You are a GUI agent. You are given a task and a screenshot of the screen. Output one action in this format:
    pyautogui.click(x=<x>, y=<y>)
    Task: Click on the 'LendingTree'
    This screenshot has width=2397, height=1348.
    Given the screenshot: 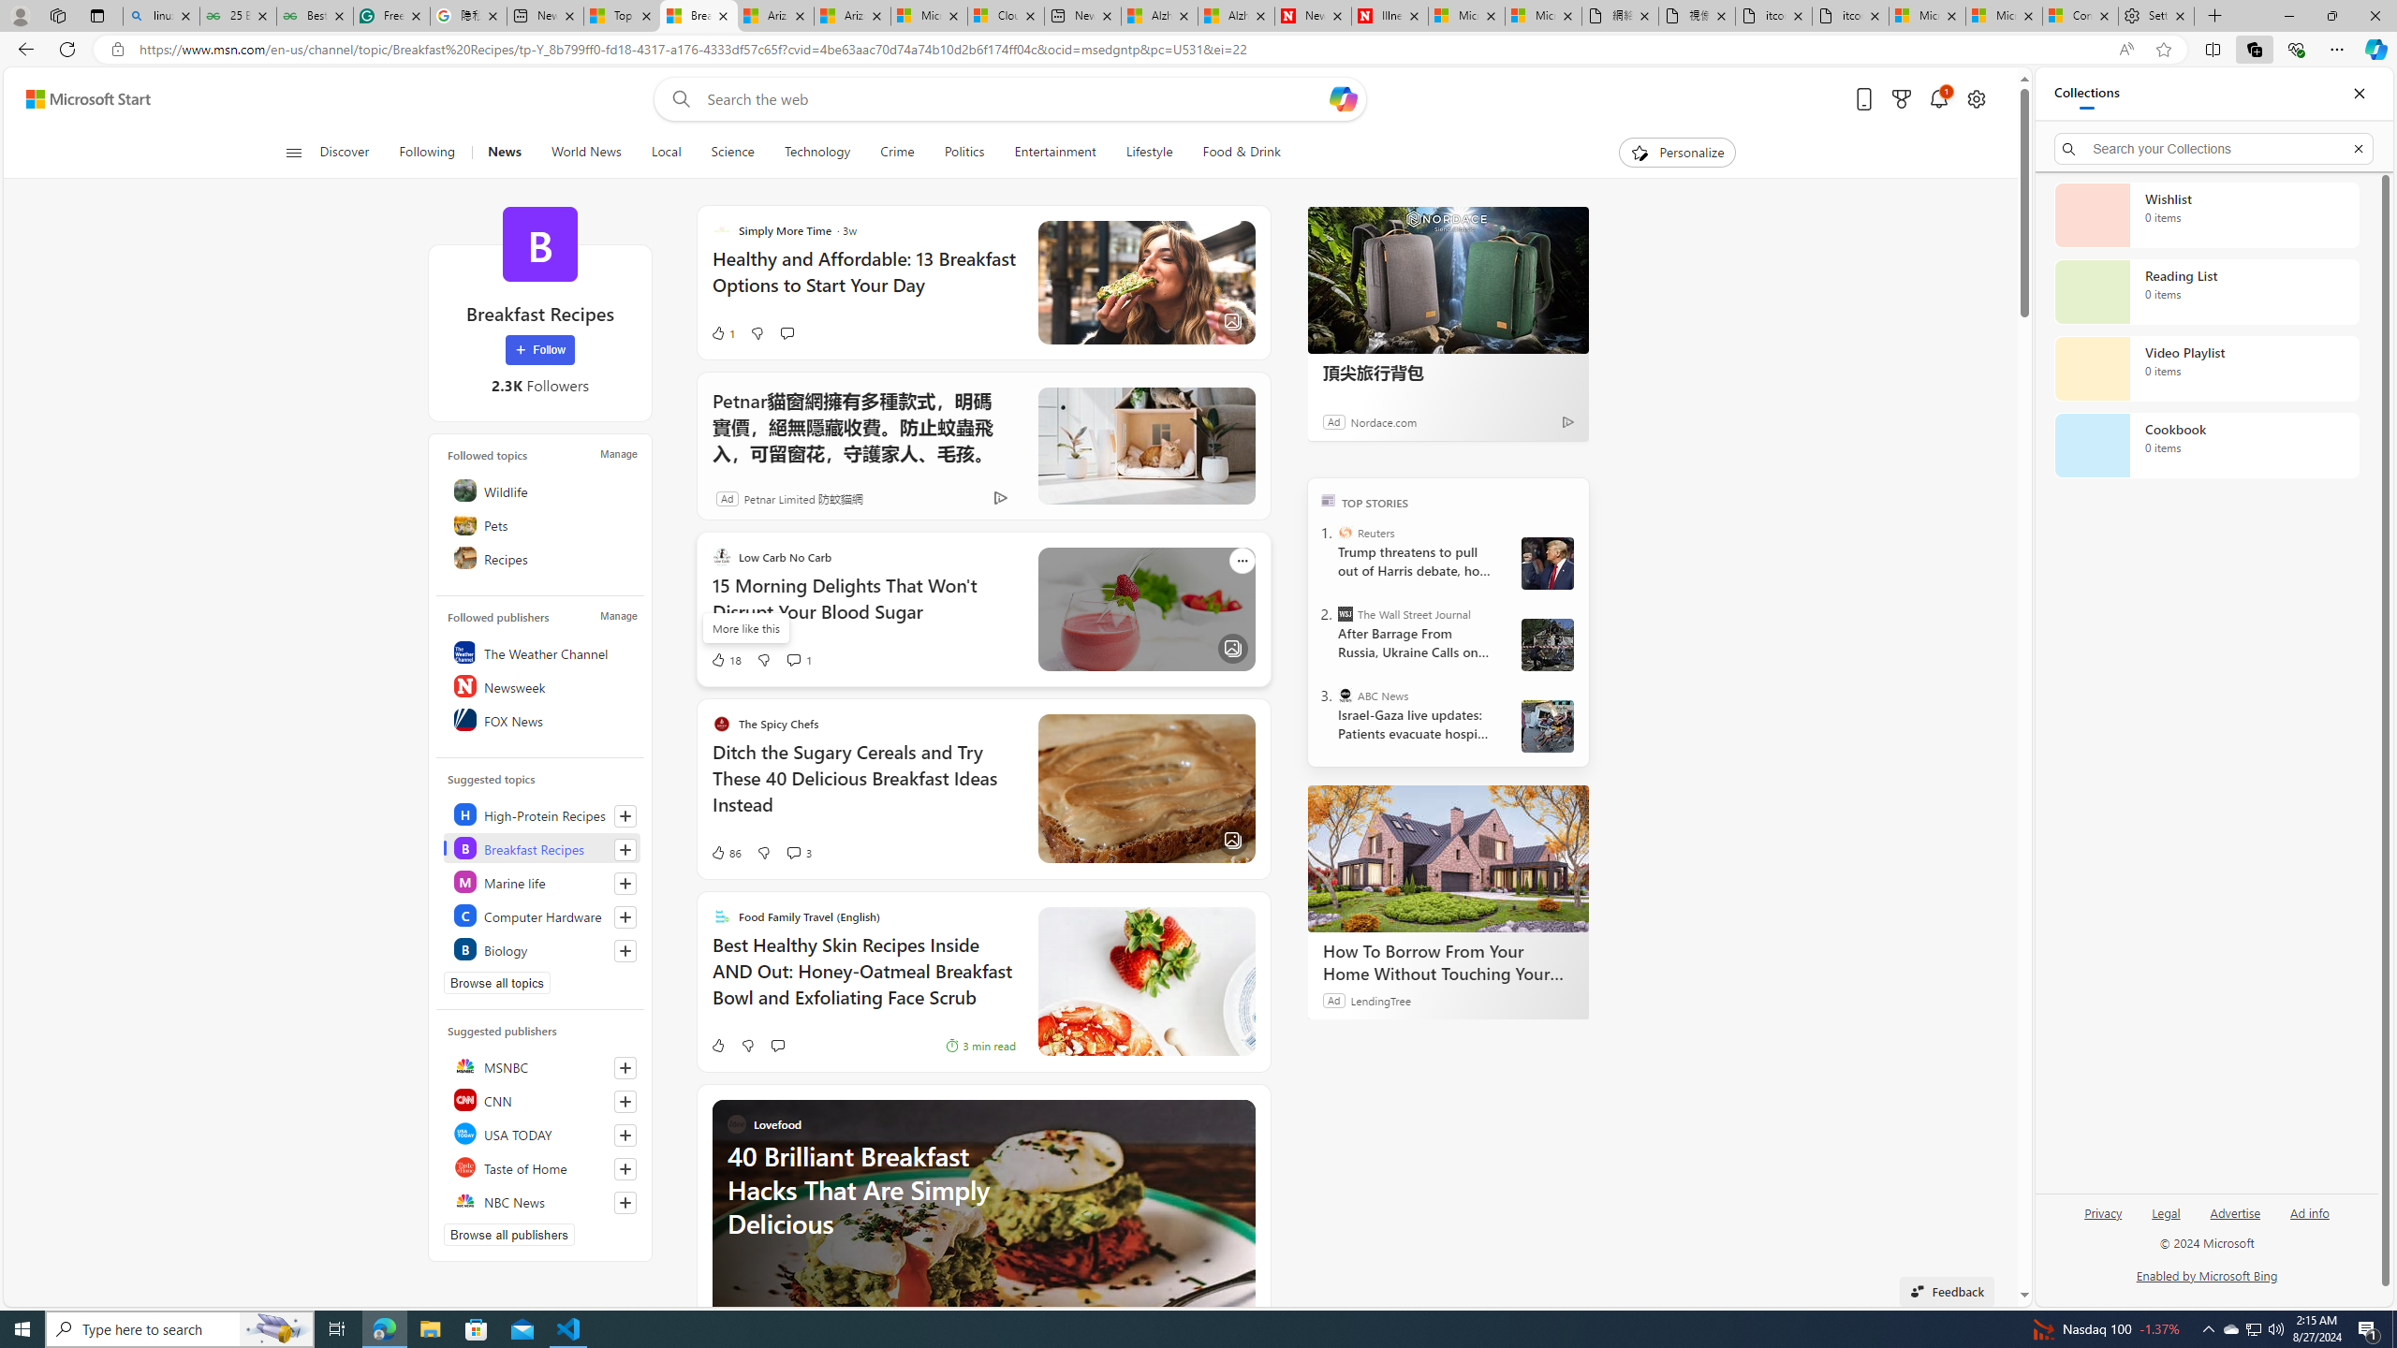 What is the action you would take?
    pyautogui.click(x=1379, y=1000)
    